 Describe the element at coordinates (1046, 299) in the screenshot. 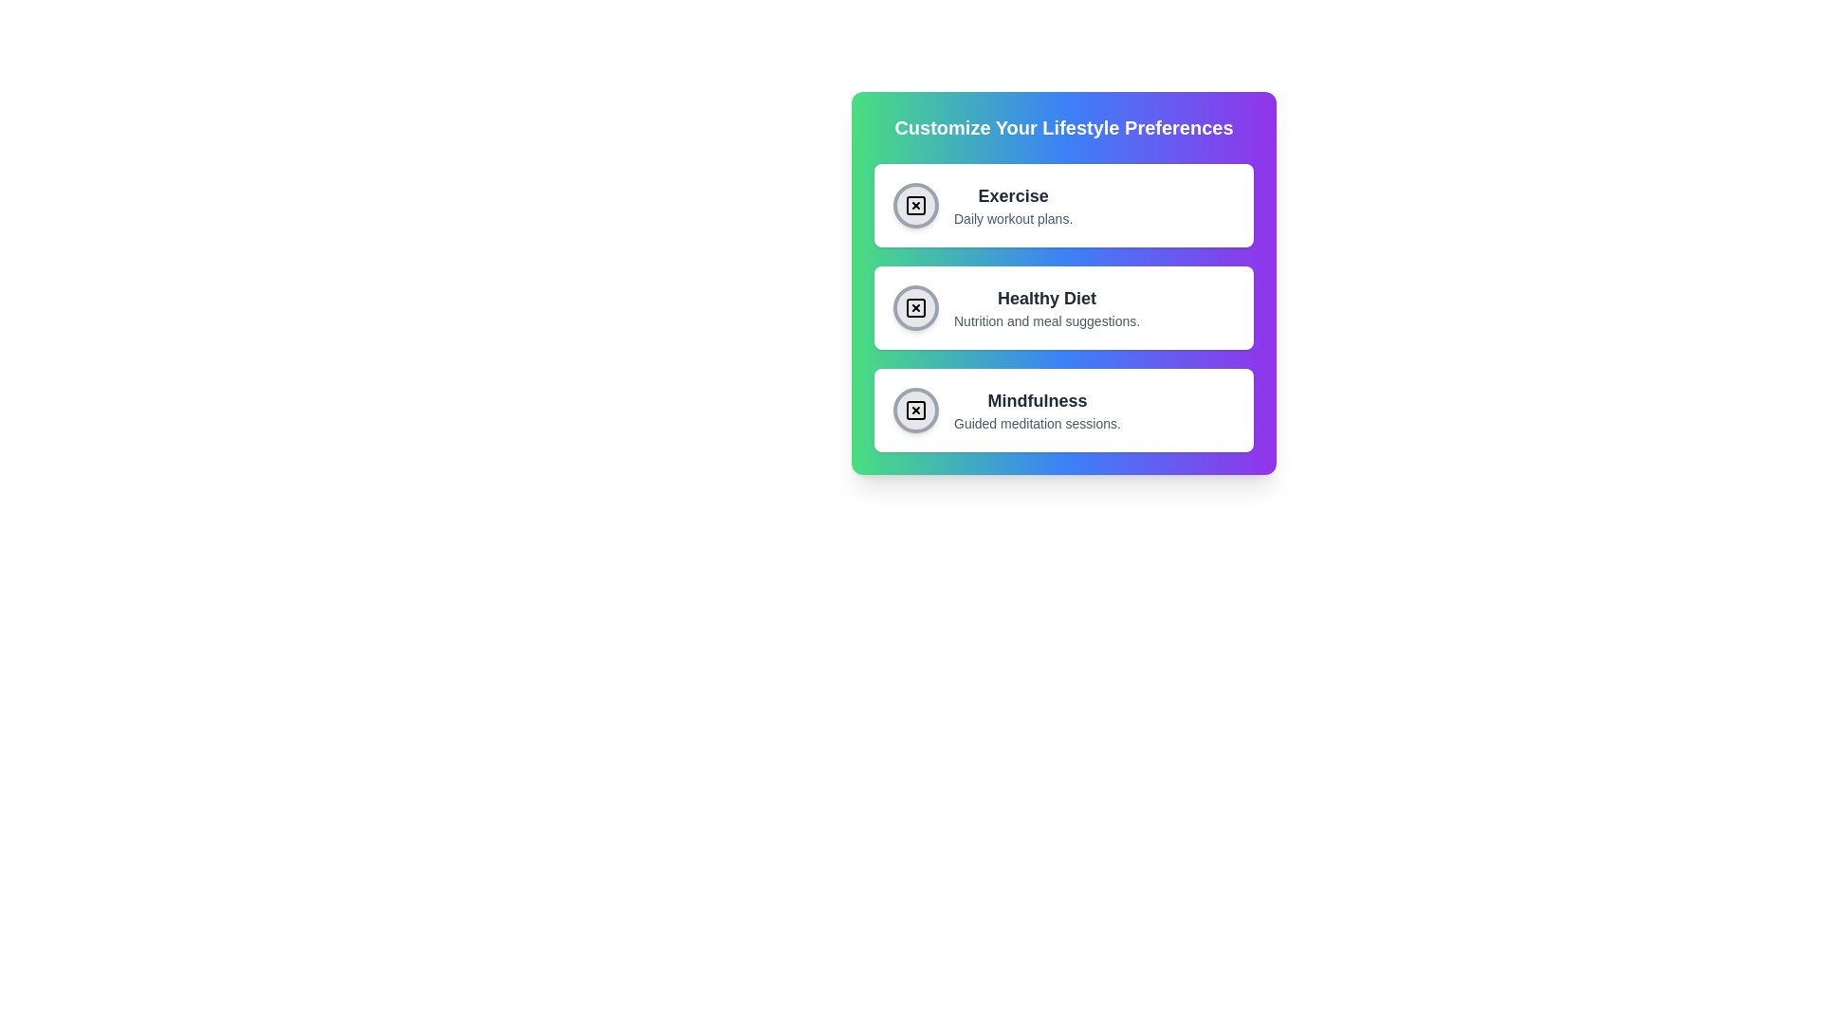

I see `the static text element displaying 'Healthy Diet', which is centrally positioned at the top of the second content card and styled with a bold, large font in dark gray color` at that location.